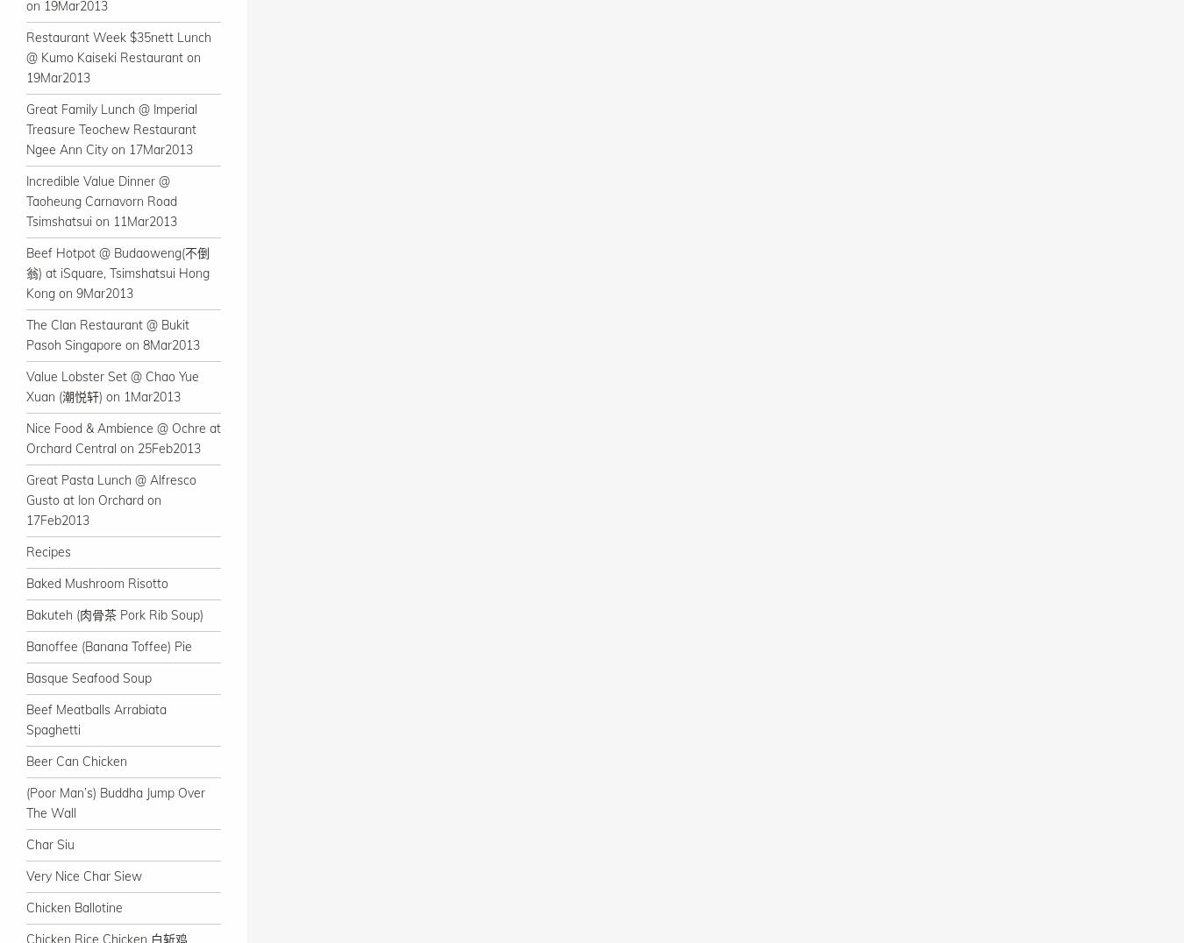  Describe the element at coordinates (118, 57) in the screenshot. I see `'Restaurant Week $35nett Lunch @ Kumo Kaiseki Restaurant on 19Mar2013'` at that location.